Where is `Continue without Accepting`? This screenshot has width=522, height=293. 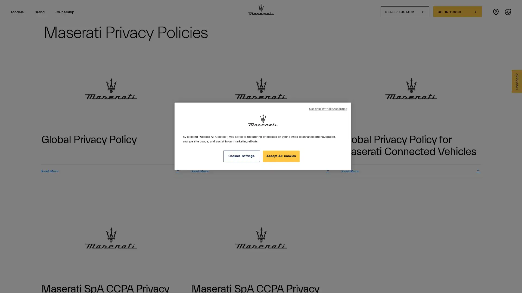 Continue without Accepting is located at coordinates (328, 109).